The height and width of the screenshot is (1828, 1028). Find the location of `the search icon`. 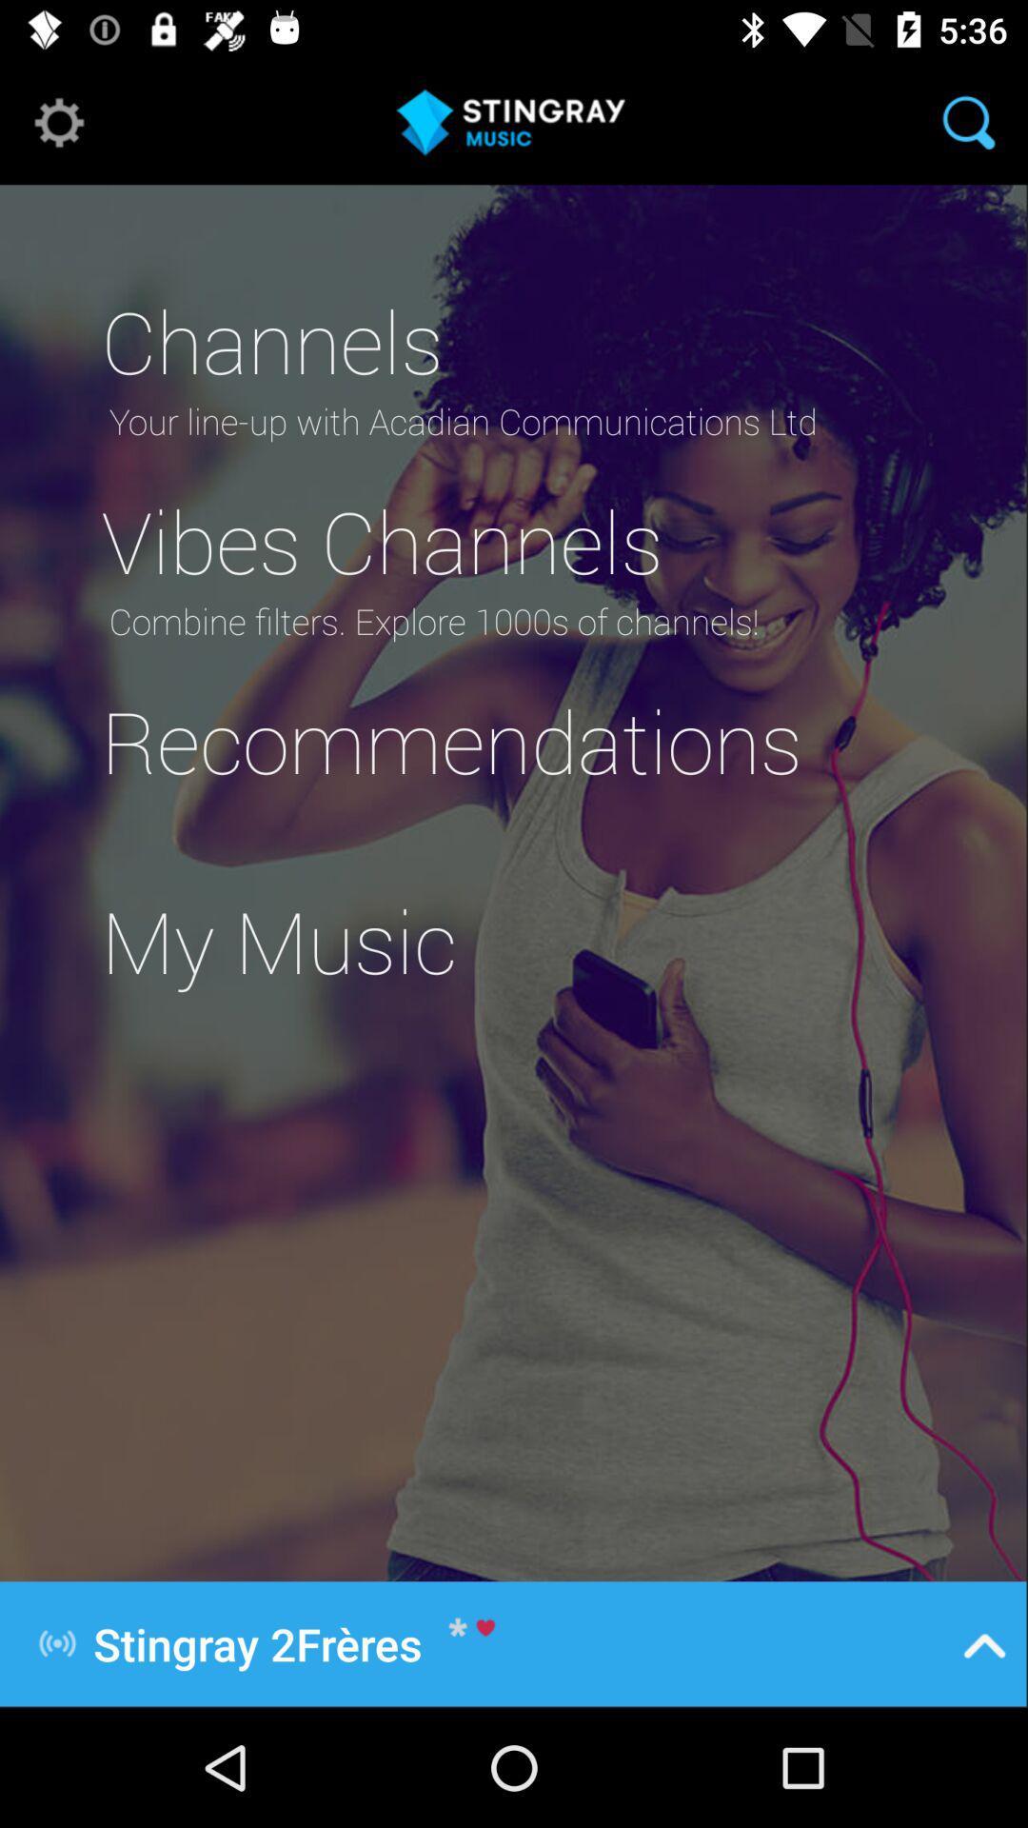

the search icon is located at coordinates (968, 121).